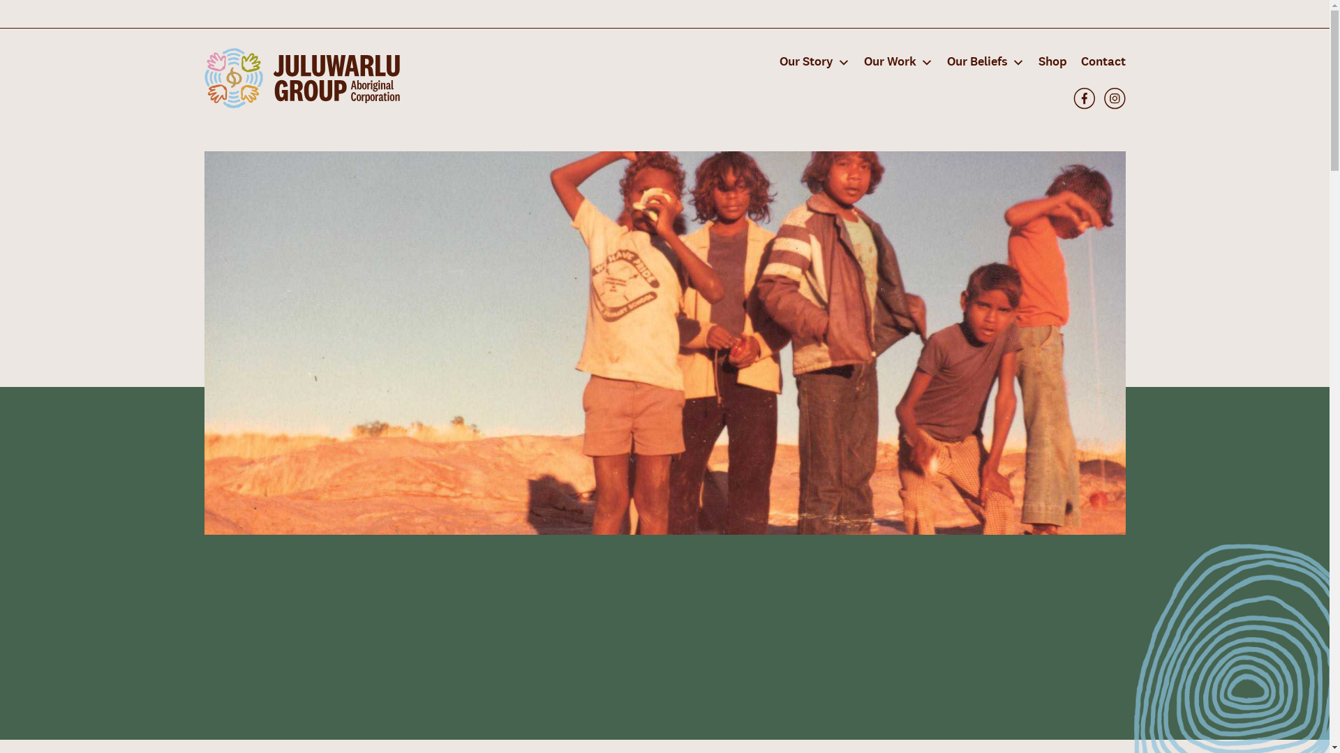  I want to click on 'Our Beliefs', so click(939, 61).